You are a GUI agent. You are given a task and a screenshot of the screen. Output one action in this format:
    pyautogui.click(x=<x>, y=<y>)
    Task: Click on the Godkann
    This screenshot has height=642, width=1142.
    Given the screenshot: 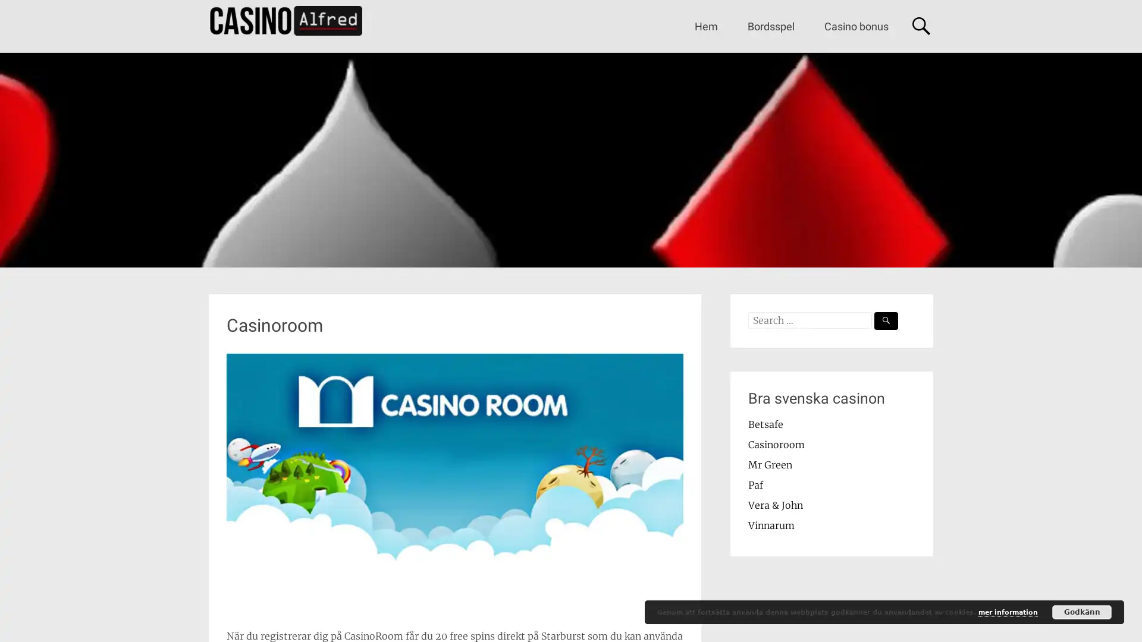 What is the action you would take?
    pyautogui.click(x=1082, y=612)
    